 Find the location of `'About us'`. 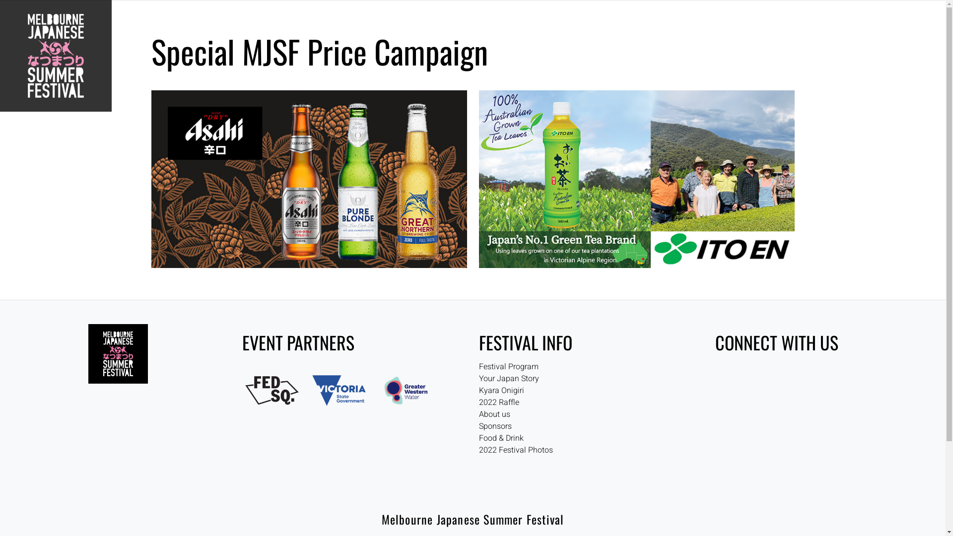

'About us' is located at coordinates (478, 414).